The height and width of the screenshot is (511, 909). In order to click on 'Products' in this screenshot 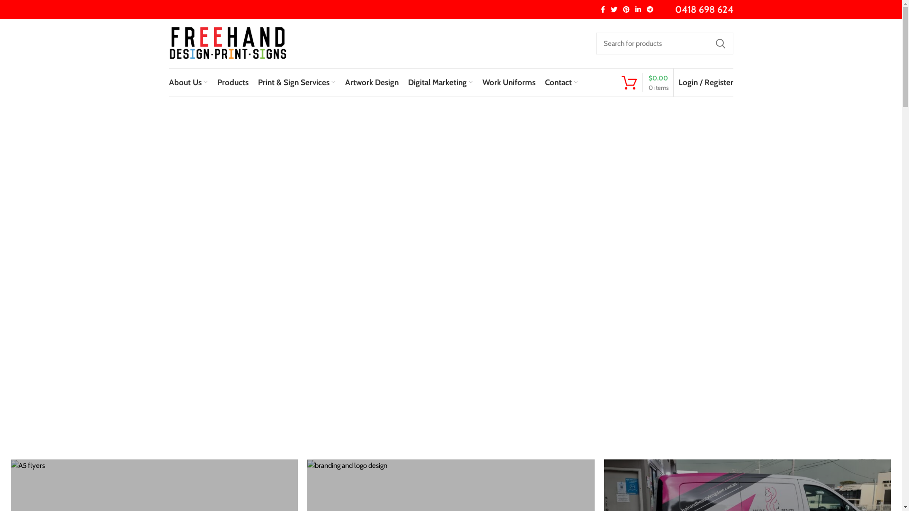, I will do `click(232, 81)`.